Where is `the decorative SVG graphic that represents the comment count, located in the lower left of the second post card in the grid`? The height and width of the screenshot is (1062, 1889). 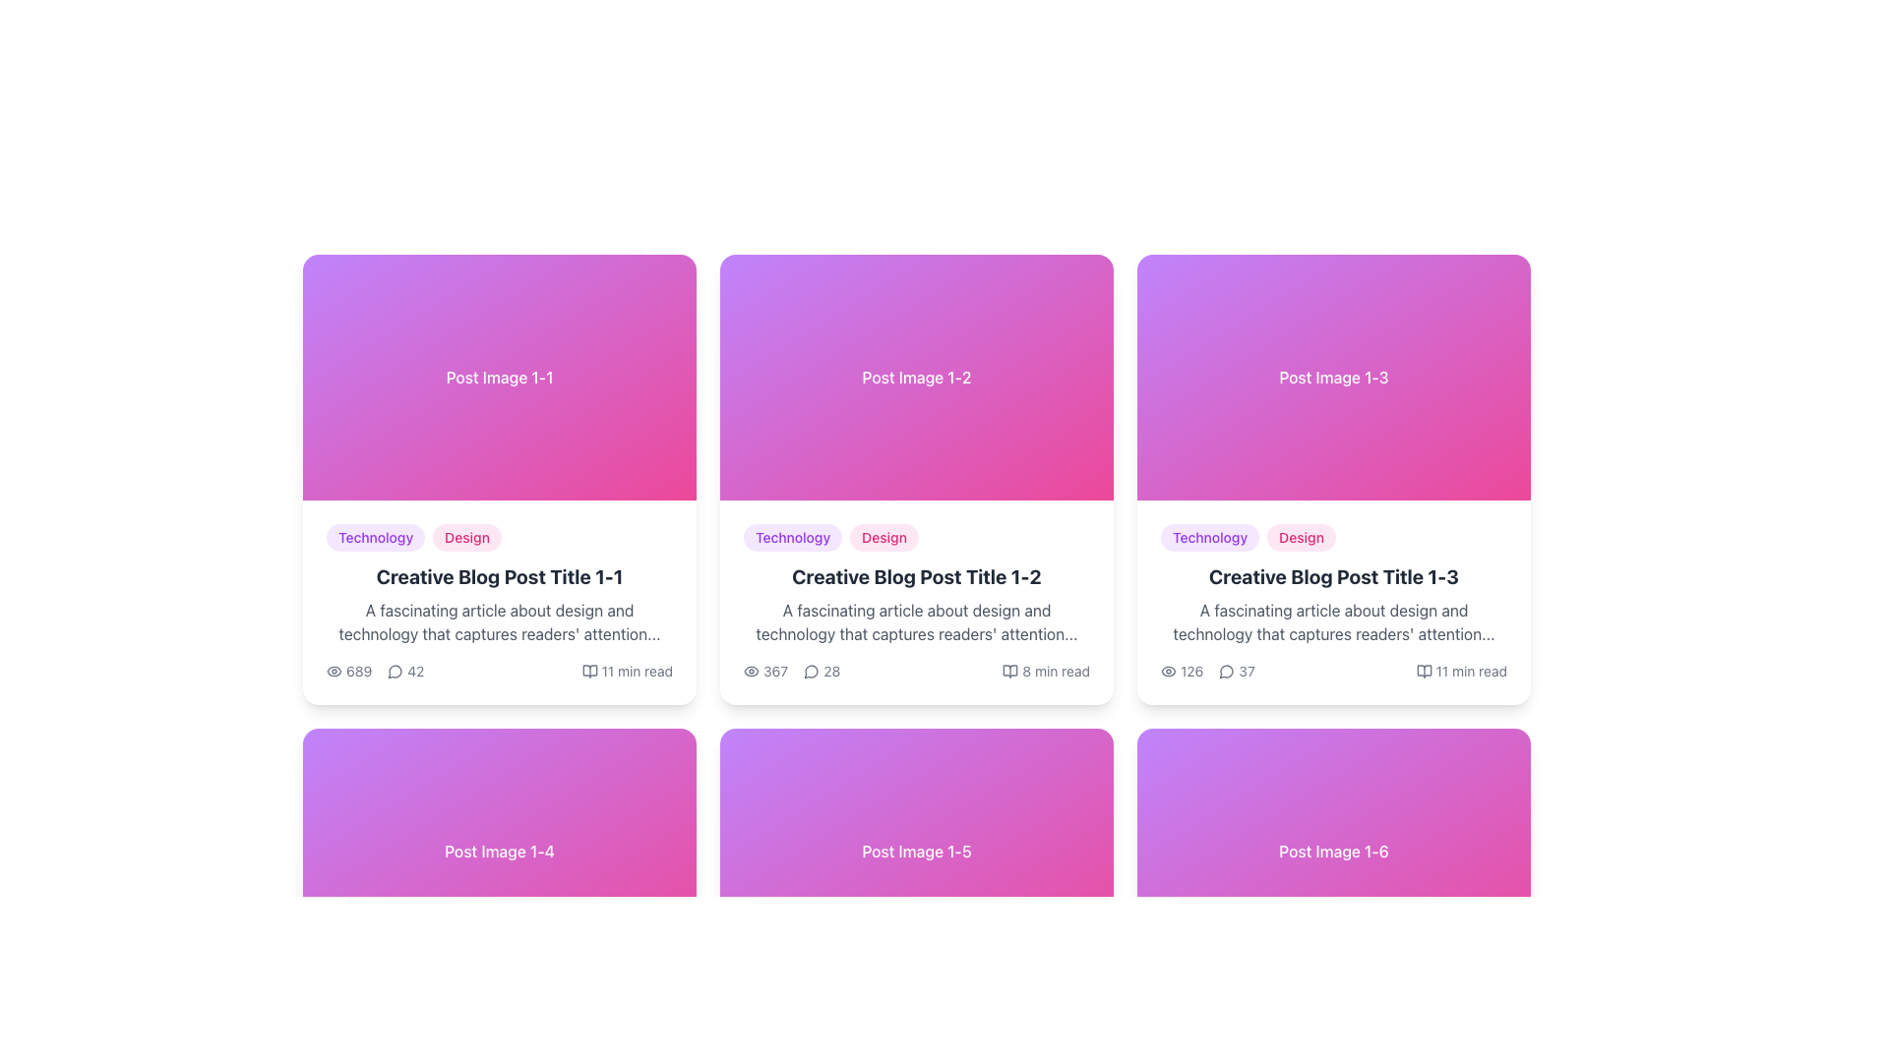
the decorative SVG graphic that represents the comment count, located in the lower left of the second post card in the grid is located at coordinates (811, 671).